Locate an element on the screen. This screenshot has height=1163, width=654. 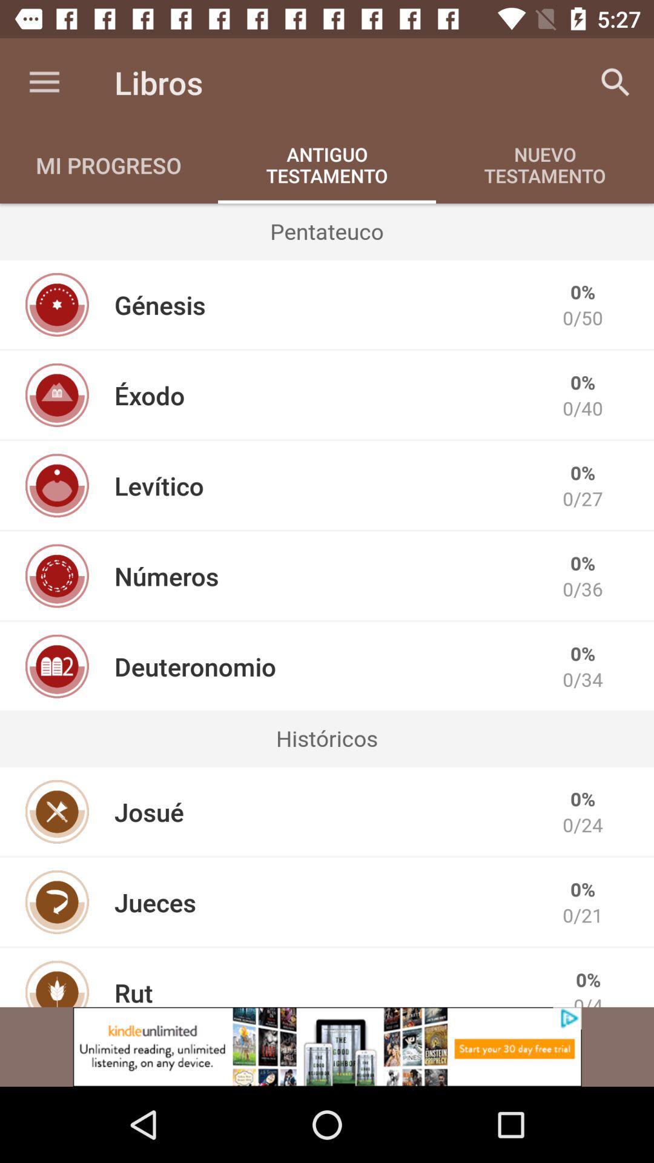
the jueces icon is located at coordinates (154, 902).